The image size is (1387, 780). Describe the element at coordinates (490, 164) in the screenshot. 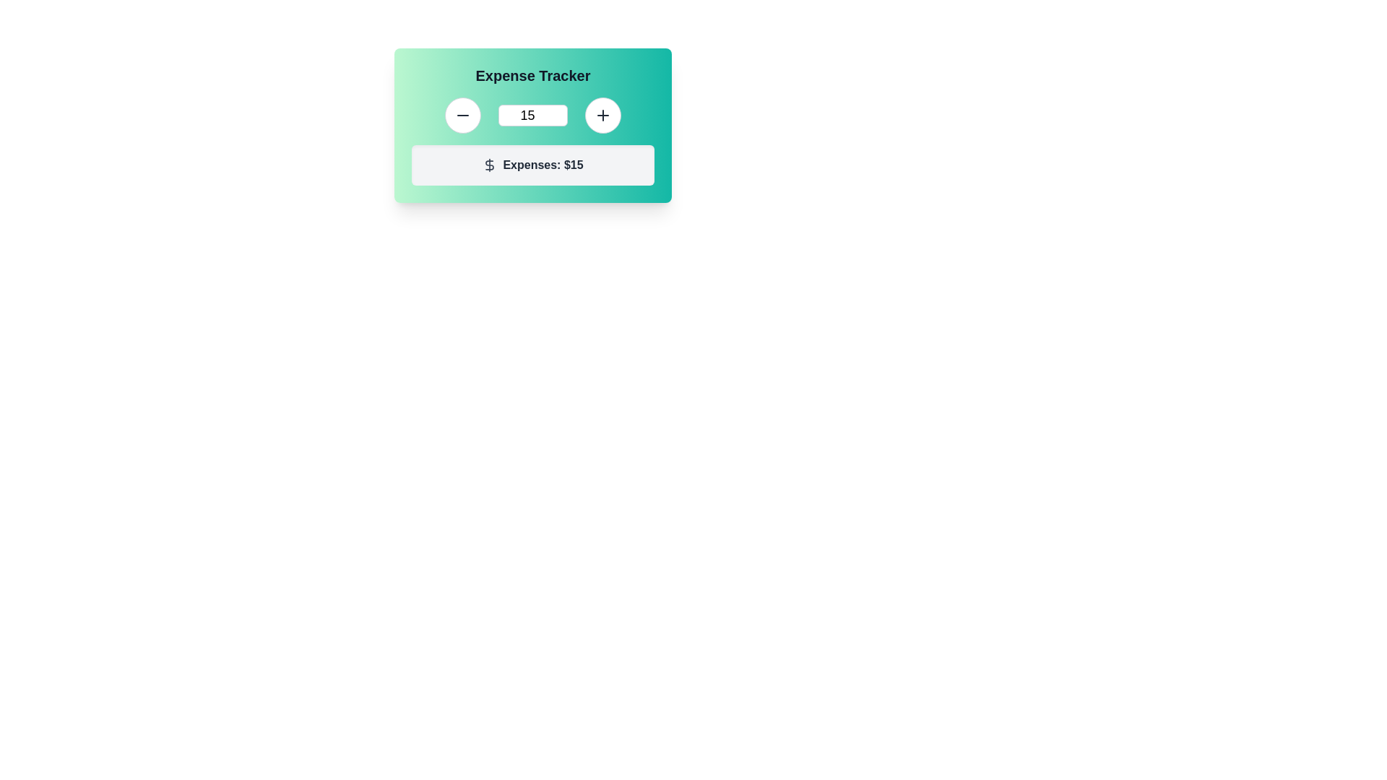

I see `the monetary value icon located to the left of the text 'Expenses: $15' within the light gray box below the 'Expense Tracker' header` at that location.